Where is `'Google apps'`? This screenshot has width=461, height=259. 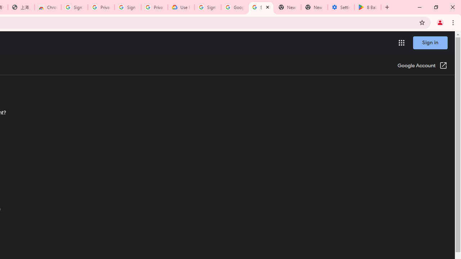 'Google apps' is located at coordinates (401, 43).